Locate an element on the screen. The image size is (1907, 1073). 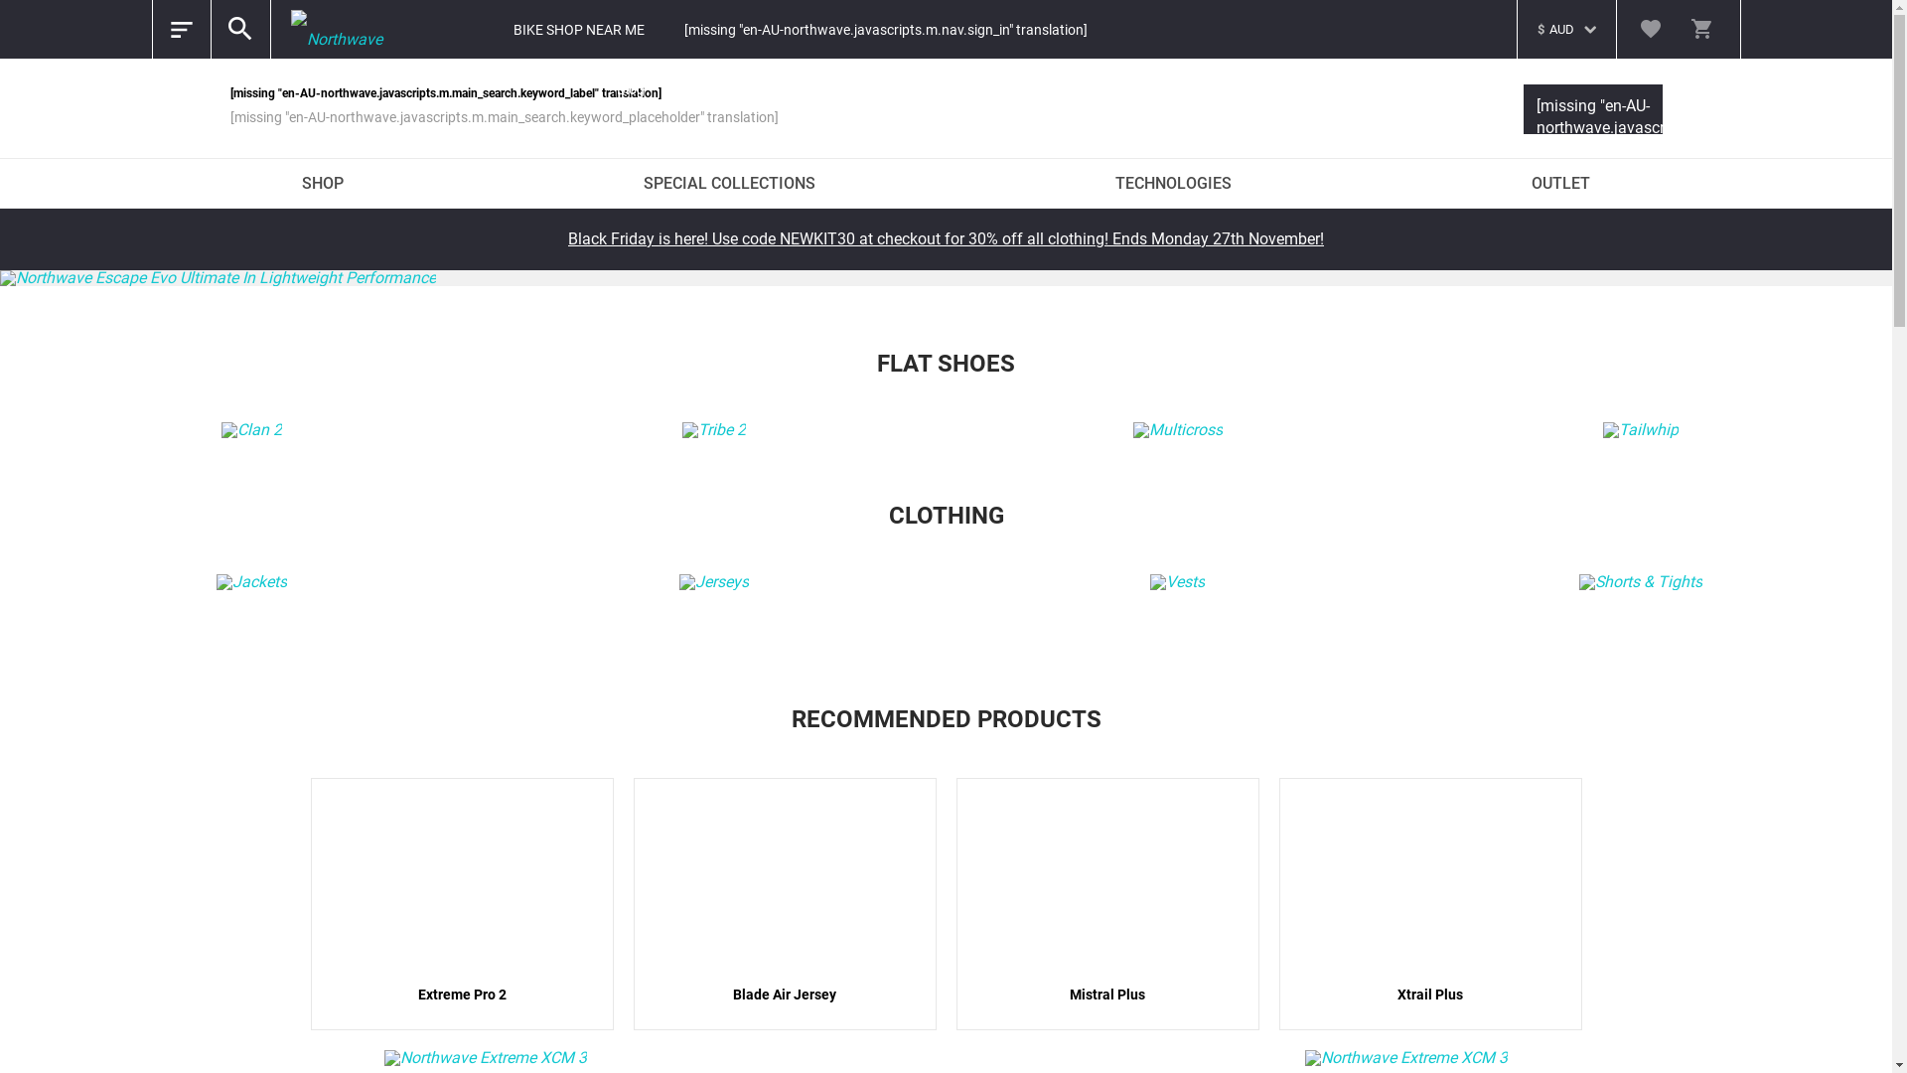
'OUTLET' is located at coordinates (1559, 184).